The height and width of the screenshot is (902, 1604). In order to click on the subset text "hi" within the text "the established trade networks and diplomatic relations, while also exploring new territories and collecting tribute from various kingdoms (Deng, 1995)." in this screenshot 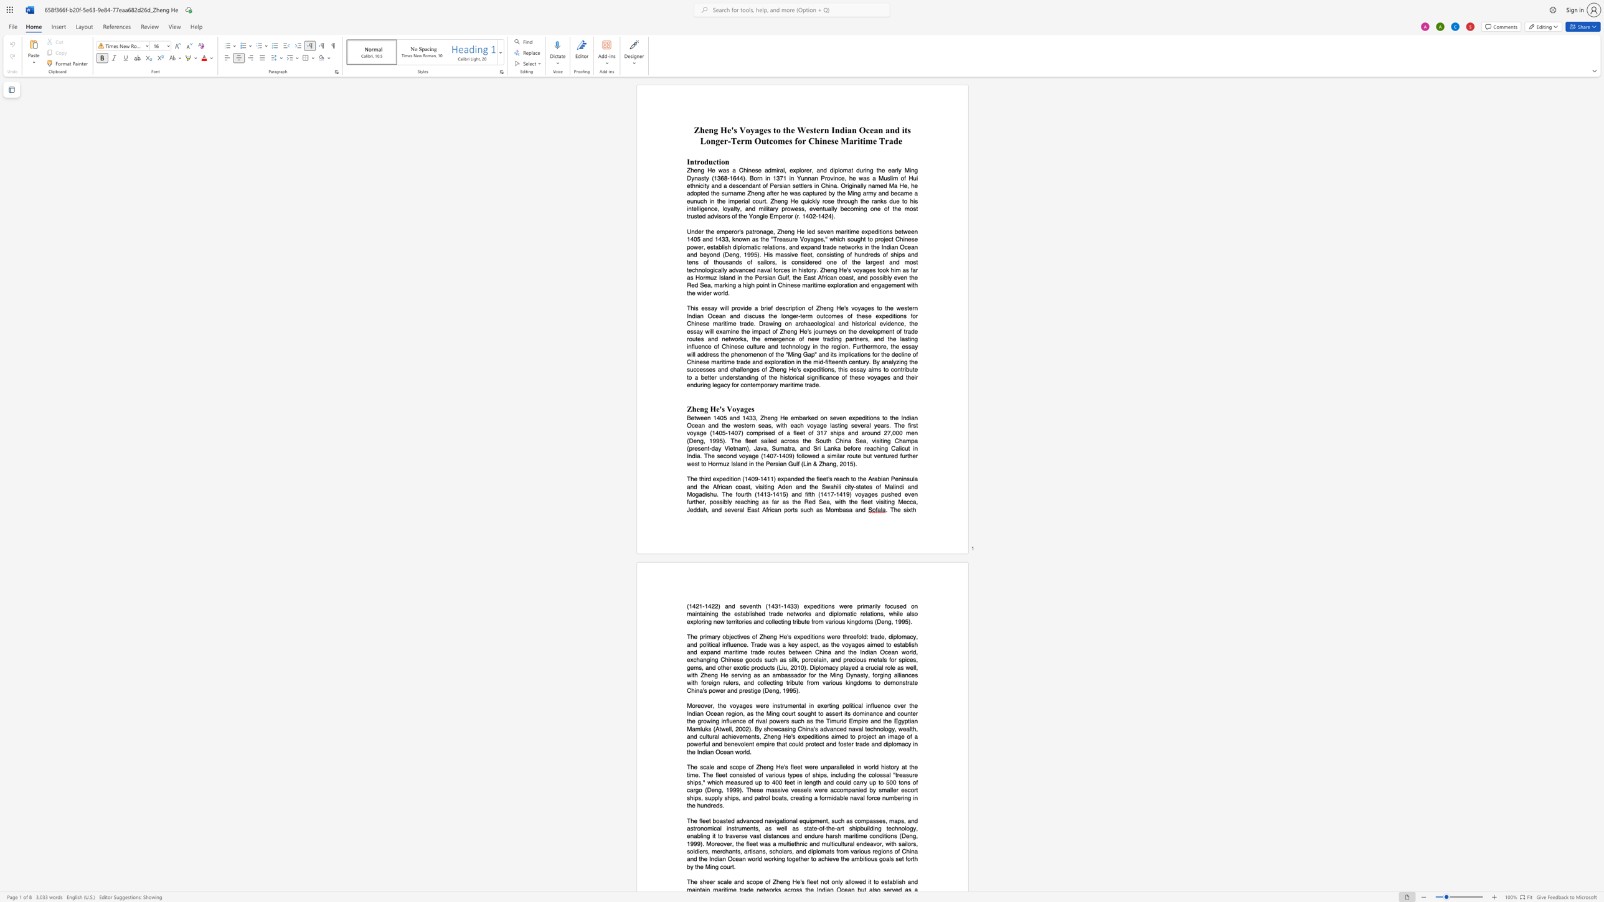, I will do `click(893, 614)`.